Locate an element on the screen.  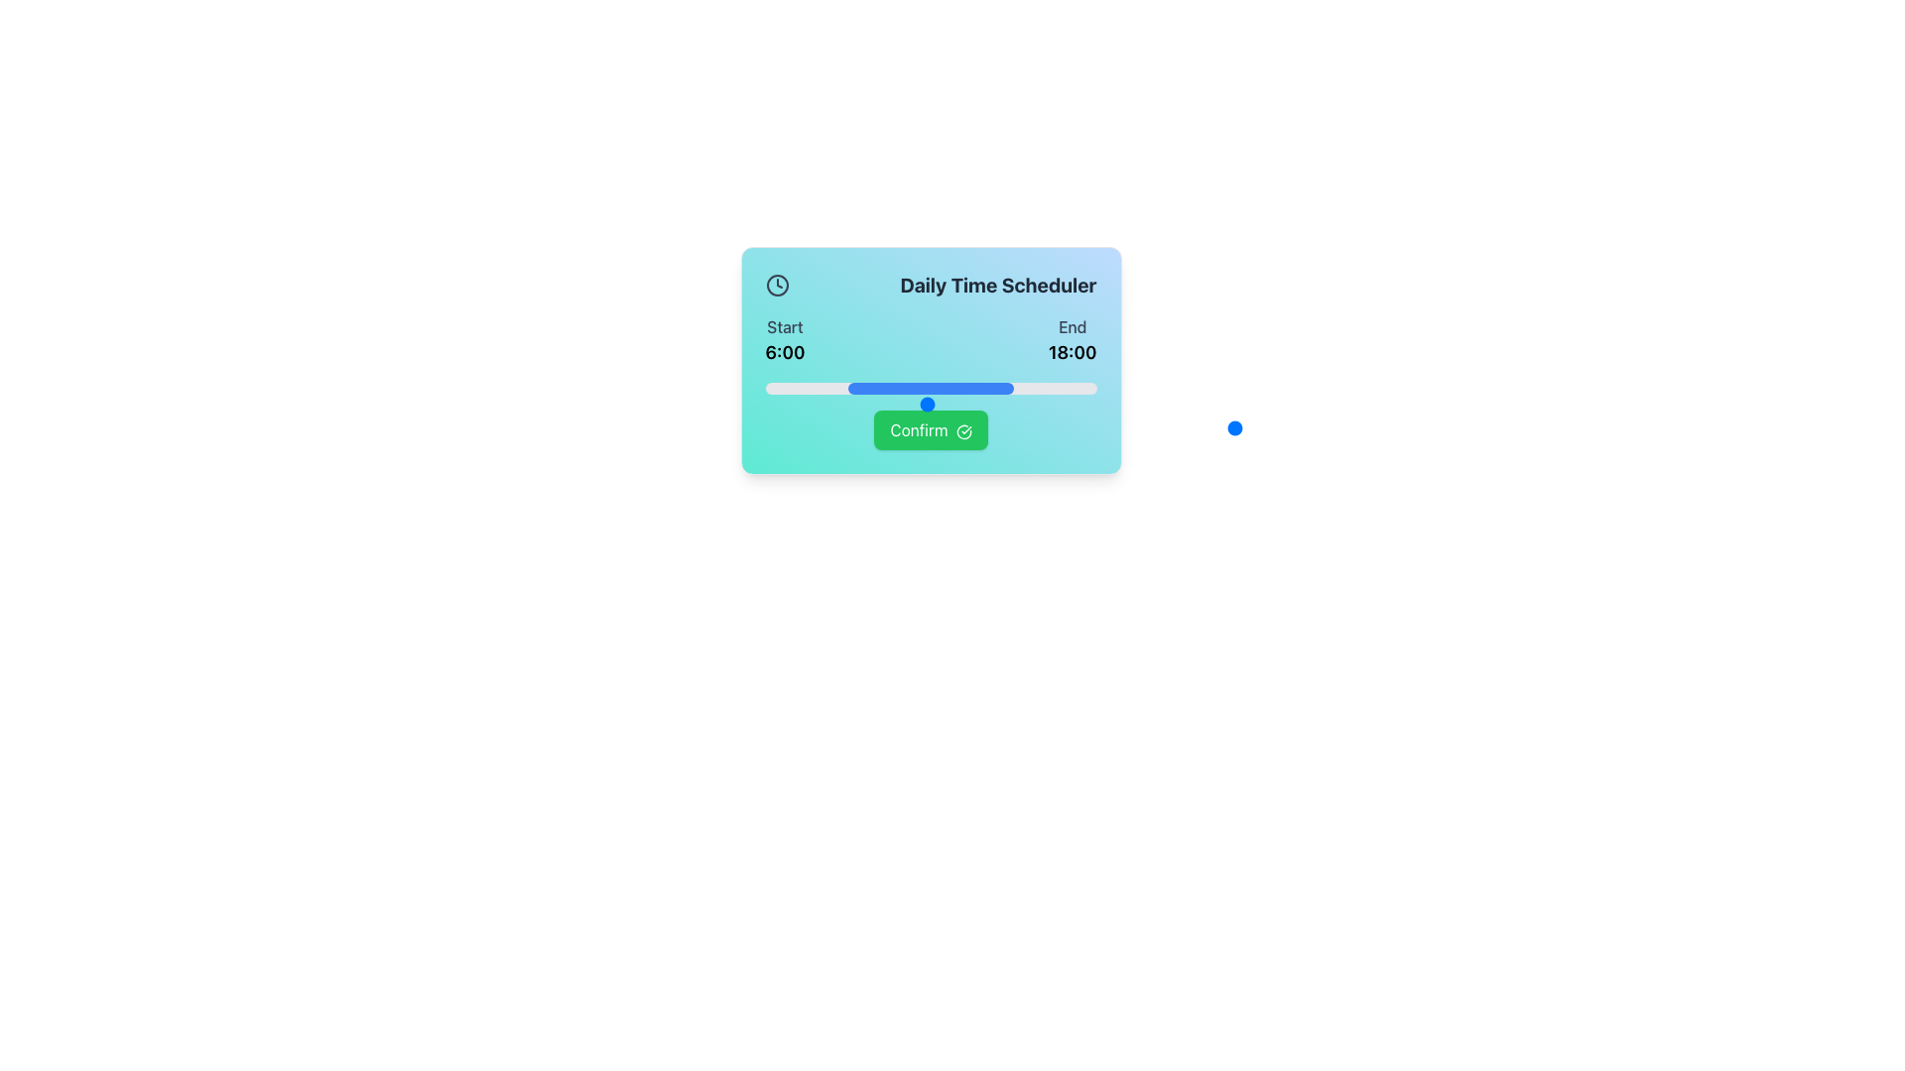
the time value is located at coordinates (764, 404).